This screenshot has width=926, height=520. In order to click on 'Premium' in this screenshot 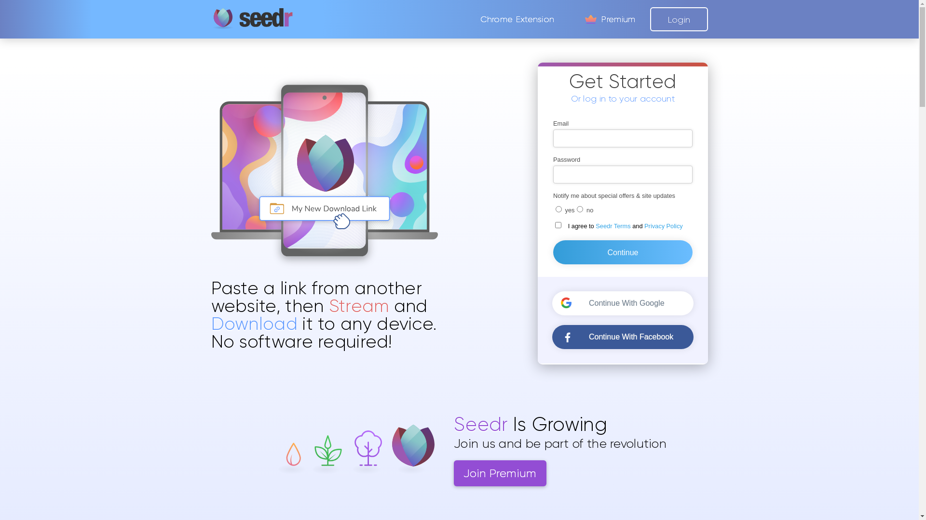, I will do `click(608, 19)`.